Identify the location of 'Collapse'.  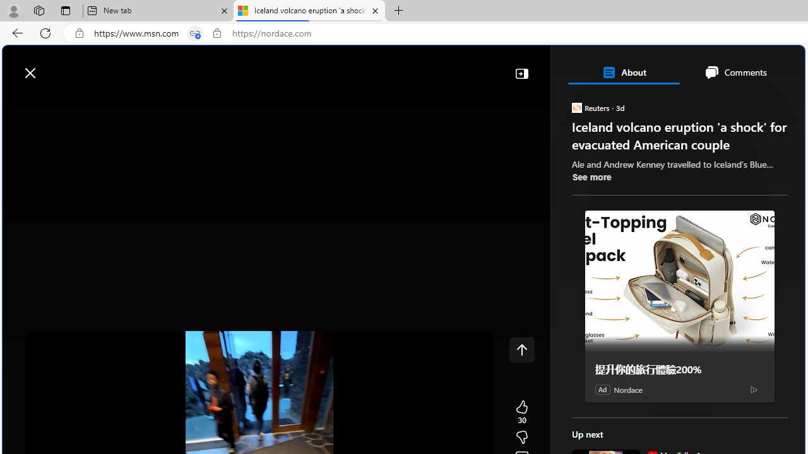
(521, 73).